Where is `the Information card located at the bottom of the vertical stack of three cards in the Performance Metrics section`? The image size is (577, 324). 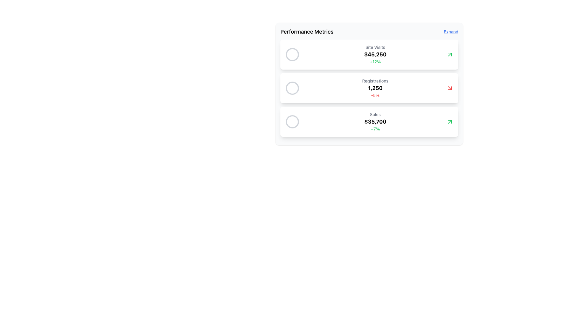
the Information card located at the bottom of the vertical stack of three cards in the Performance Metrics section is located at coordinates (369, 121).